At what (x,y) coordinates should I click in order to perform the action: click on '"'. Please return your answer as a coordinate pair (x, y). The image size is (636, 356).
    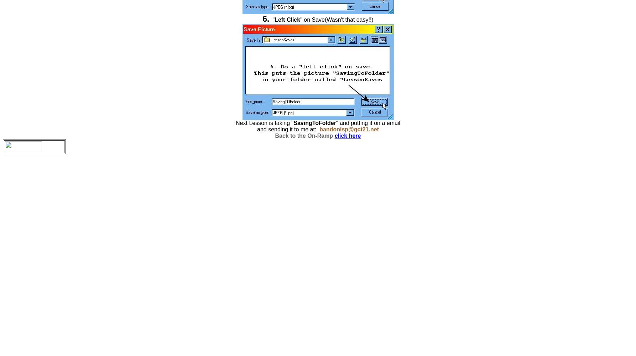
    Looking at the image, I should click on (271, 20).